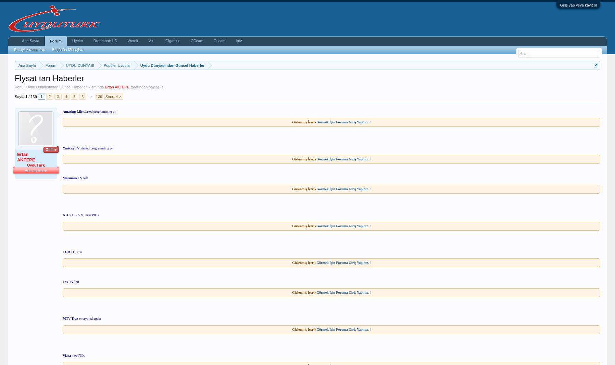 This screenshot has width=615, height=365. I want to click on 'Marmara TV', so click(62, 178).